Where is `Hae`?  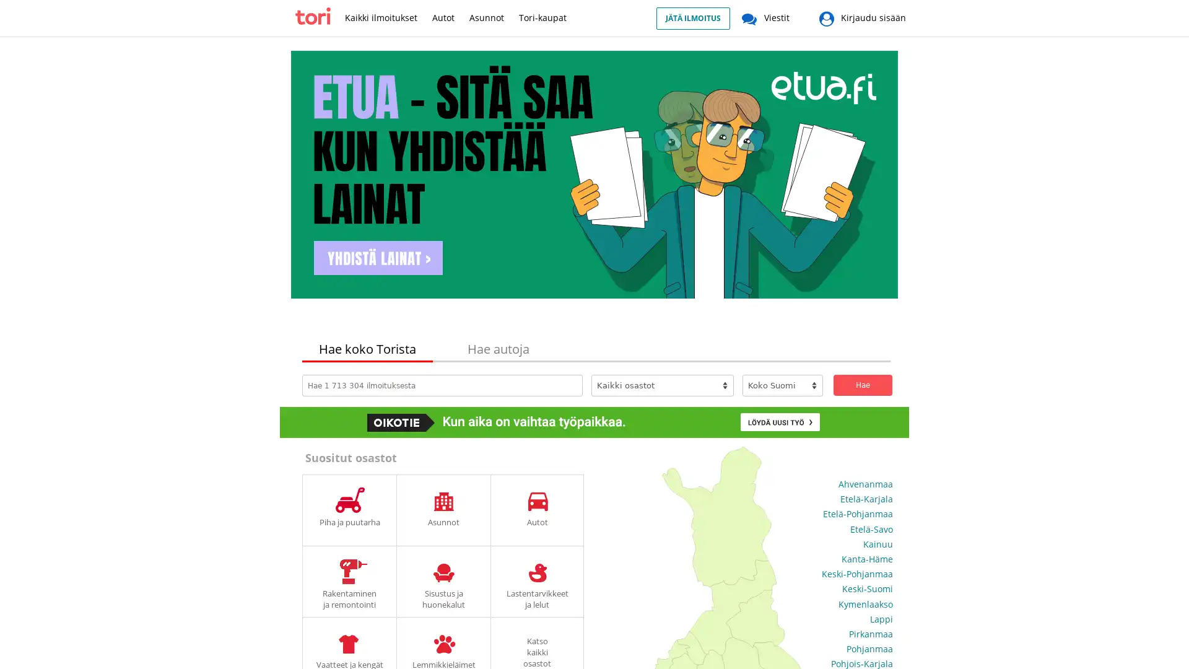
Hae is located at coordinates (861, 384).